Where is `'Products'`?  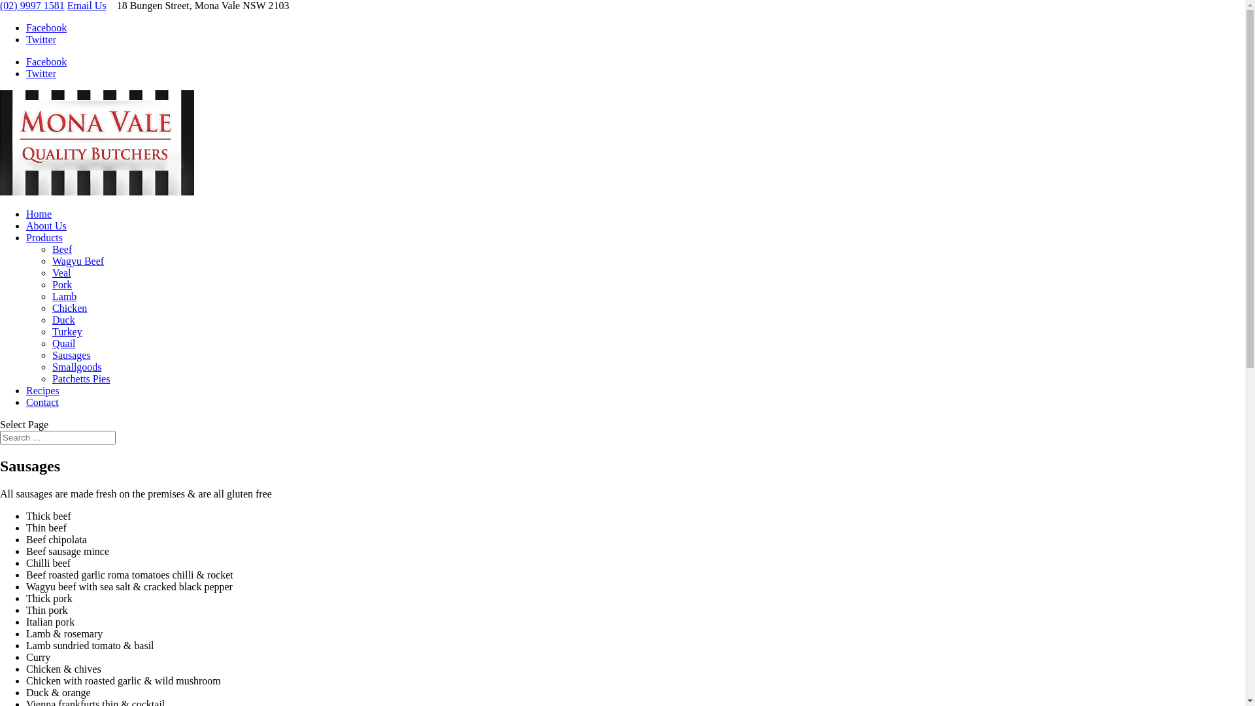
'Products' is located at coordinates (44, 237).